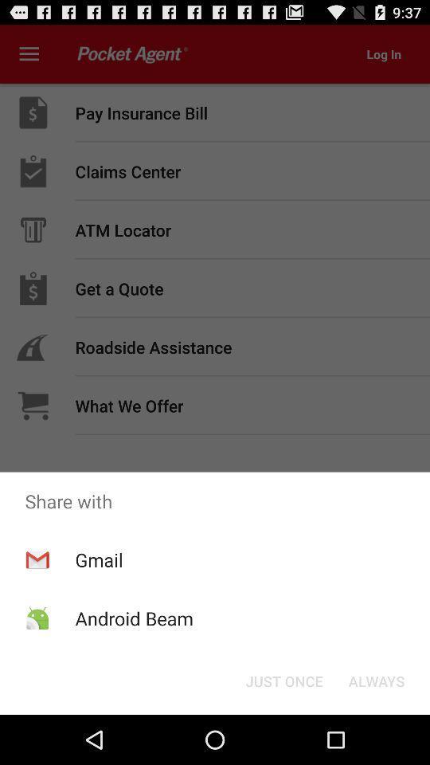 The height and width of the screenshot is (765, 430). Describe the element at coordinates (99, 559) in the screenshot. I see `the gmail item` at that location.